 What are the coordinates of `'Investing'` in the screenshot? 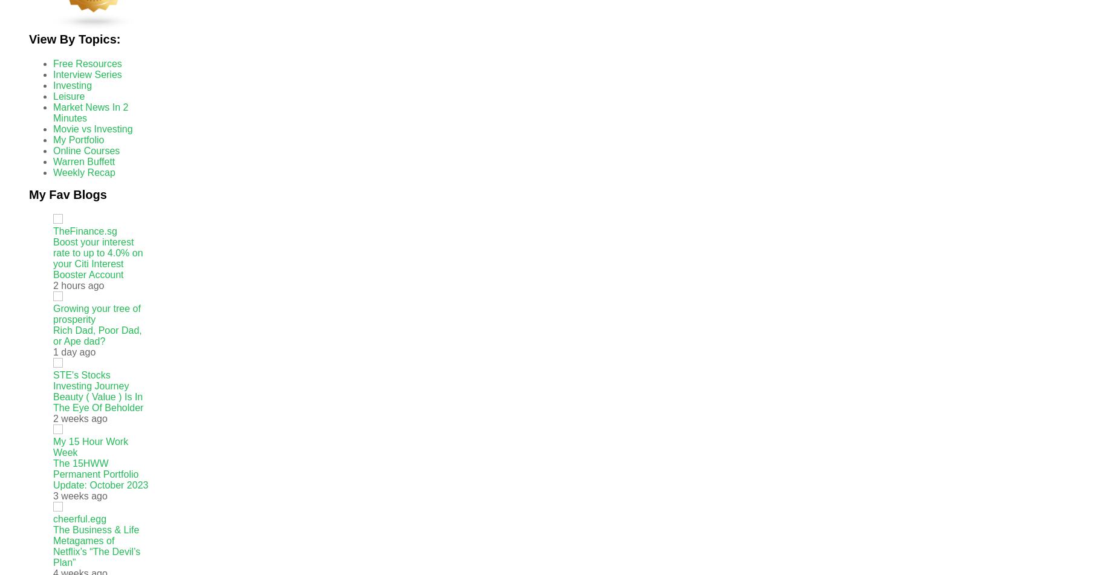 It's located at (72, 85).